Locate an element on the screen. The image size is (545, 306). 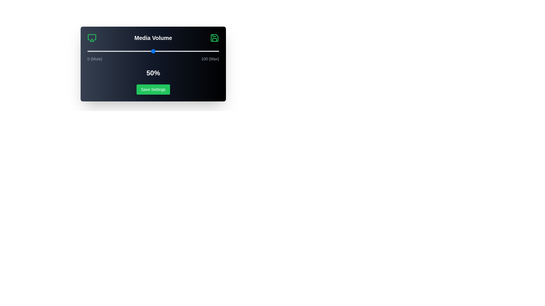
the volume slider to 50% is located at coordinates (153, 51).